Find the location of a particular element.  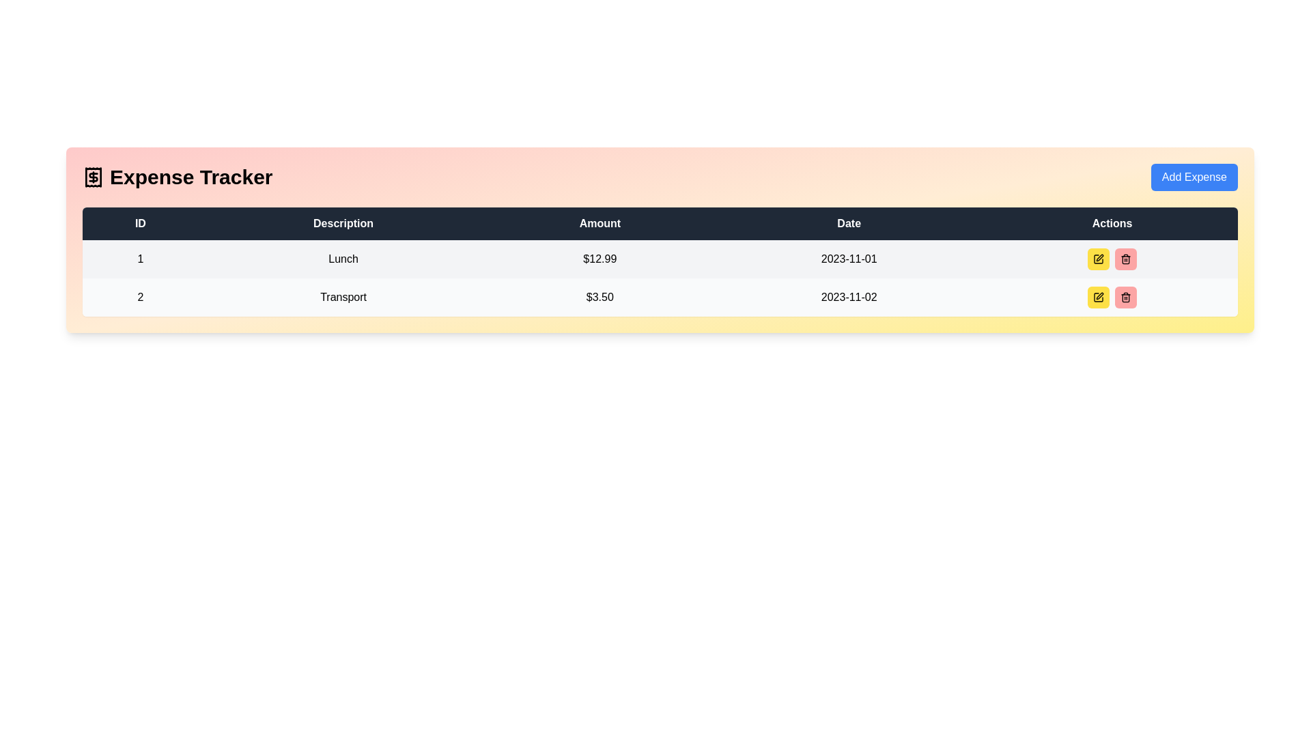

the Text label in the second row of the table under the 'ID' column, which serves as a unique identifier for this entry is located at coordinates (140, 296).